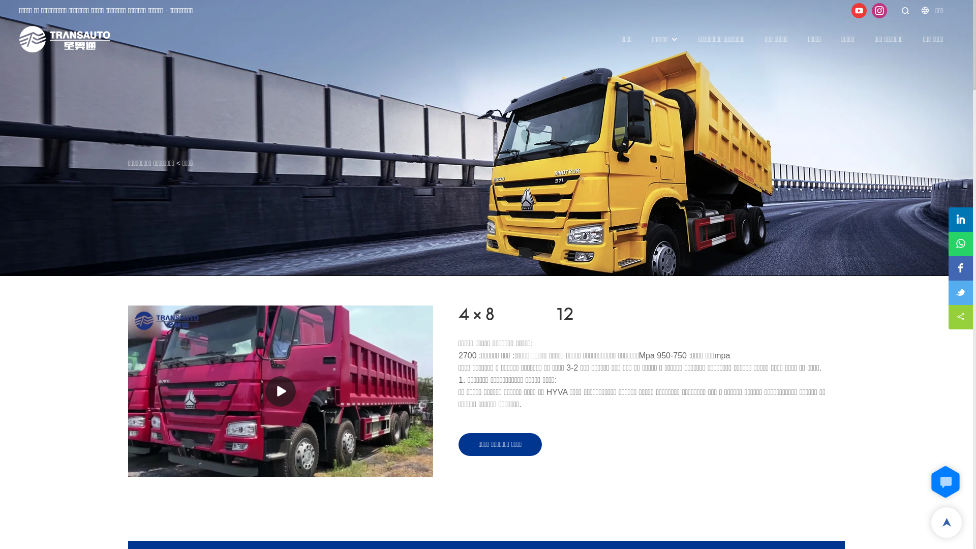 Image resolution: width=976 pixels, height=549 pixels. I want to click on 'instagram', so click(878, 10).